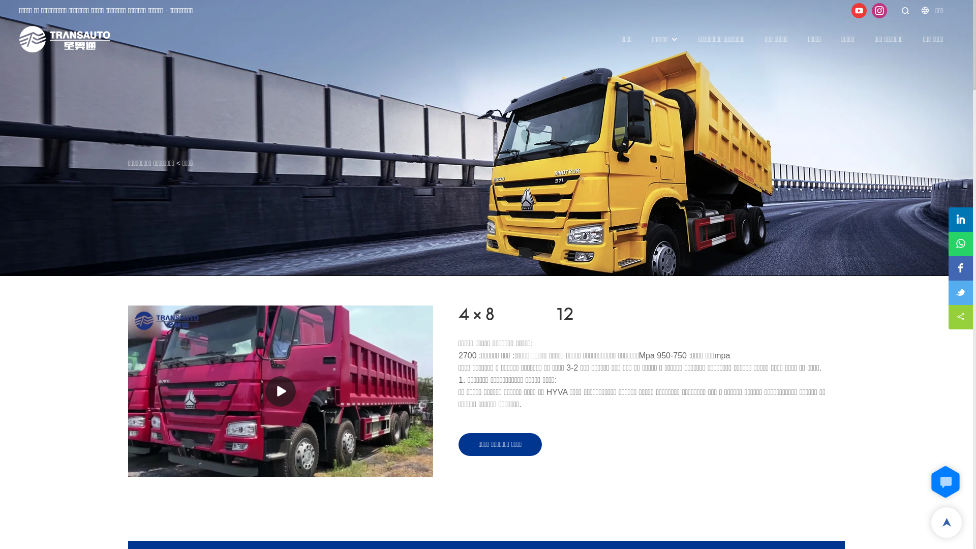 Image resolution: width=976 pixels, height=549 pixels. I want to click on 'instagram', so click(878, 10).